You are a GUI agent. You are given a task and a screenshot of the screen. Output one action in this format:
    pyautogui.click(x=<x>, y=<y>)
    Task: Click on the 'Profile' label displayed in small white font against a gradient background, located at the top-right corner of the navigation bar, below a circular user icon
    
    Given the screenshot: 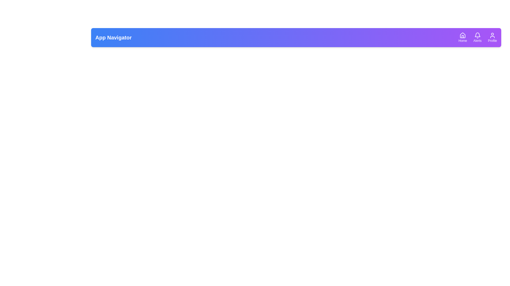 What is the action you would take?
    pyautogui.click(x=492, y=41)
    